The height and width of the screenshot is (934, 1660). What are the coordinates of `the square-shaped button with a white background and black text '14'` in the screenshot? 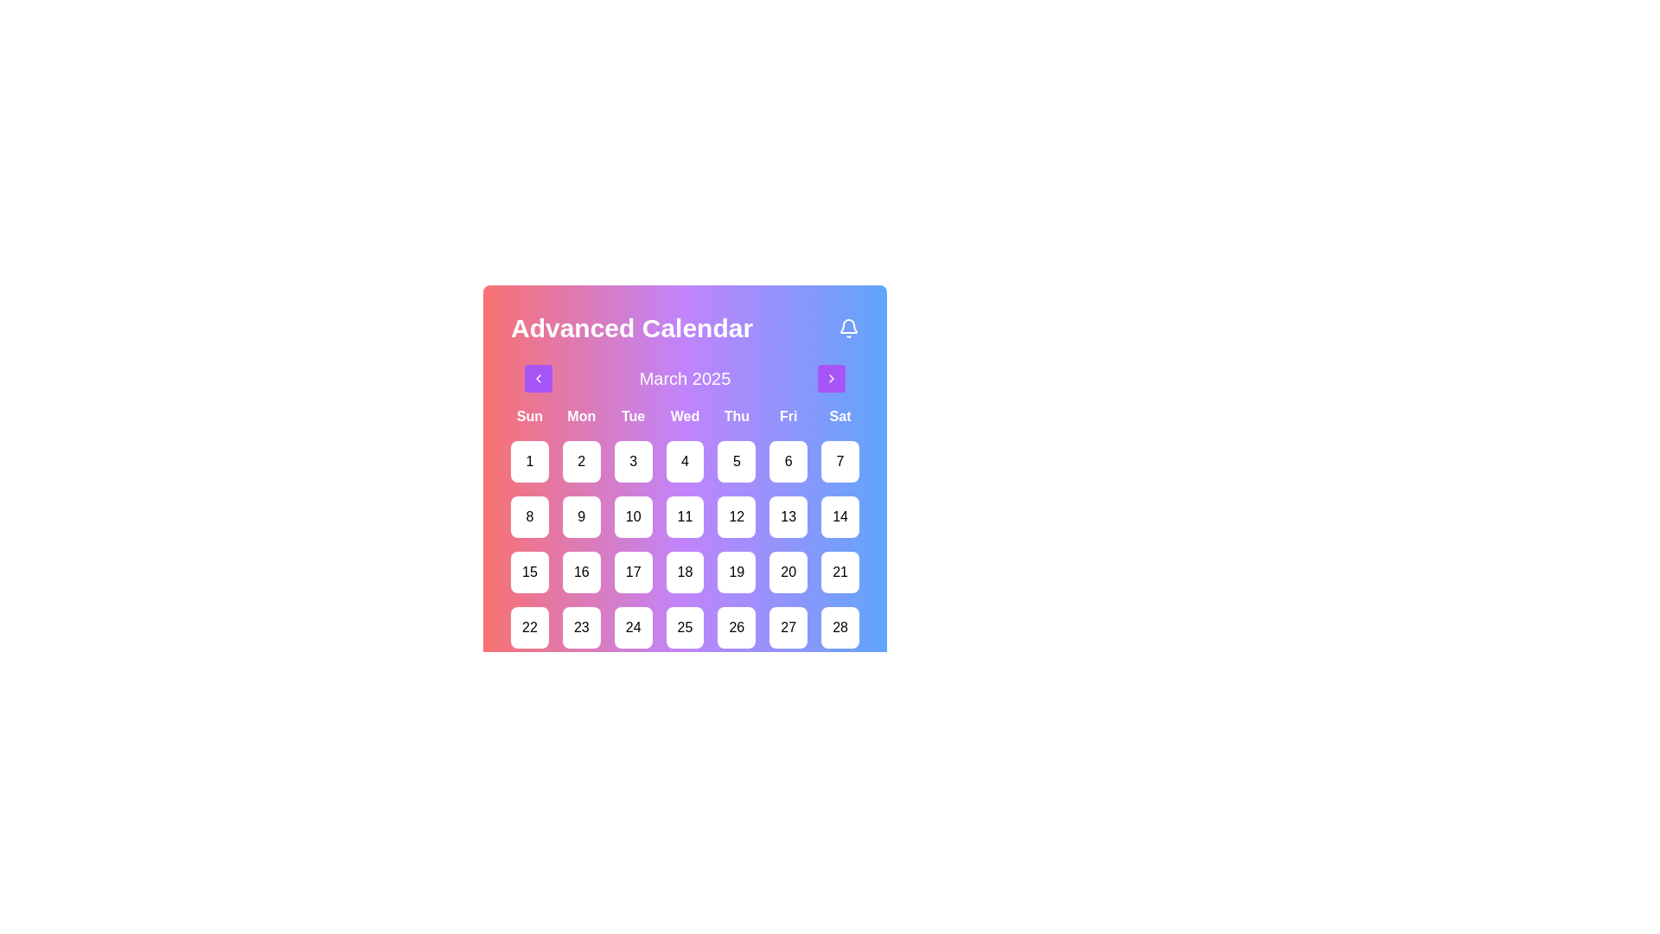 It's located at (840, 515).